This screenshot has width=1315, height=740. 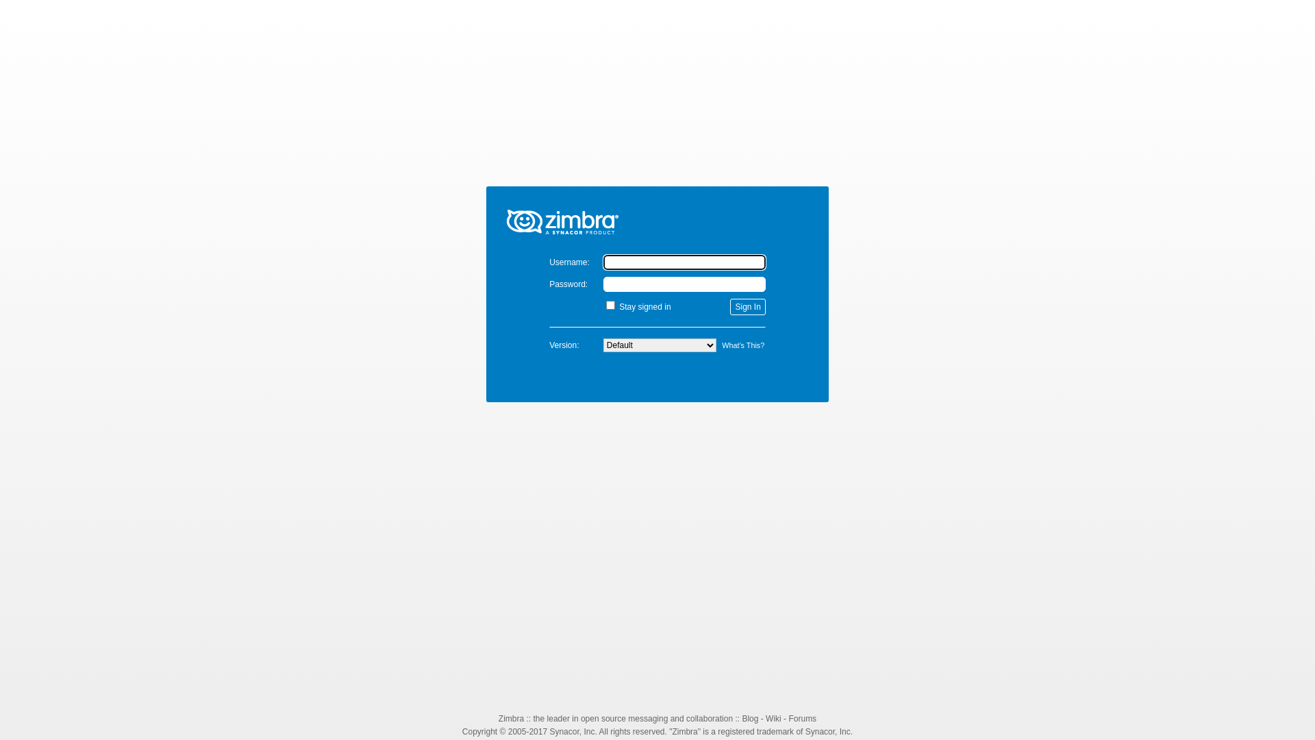 I want to click on 'Blog', so click(x=749, y=718).